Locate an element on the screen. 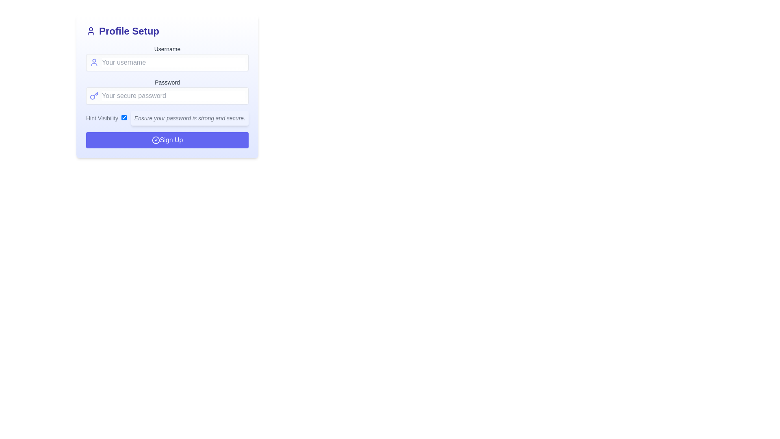 The image size is (780, 439). the 'Password' label, which is styled in dark gray and positioned above the password input field in the profile setup form is located at coordinates (167, 83).